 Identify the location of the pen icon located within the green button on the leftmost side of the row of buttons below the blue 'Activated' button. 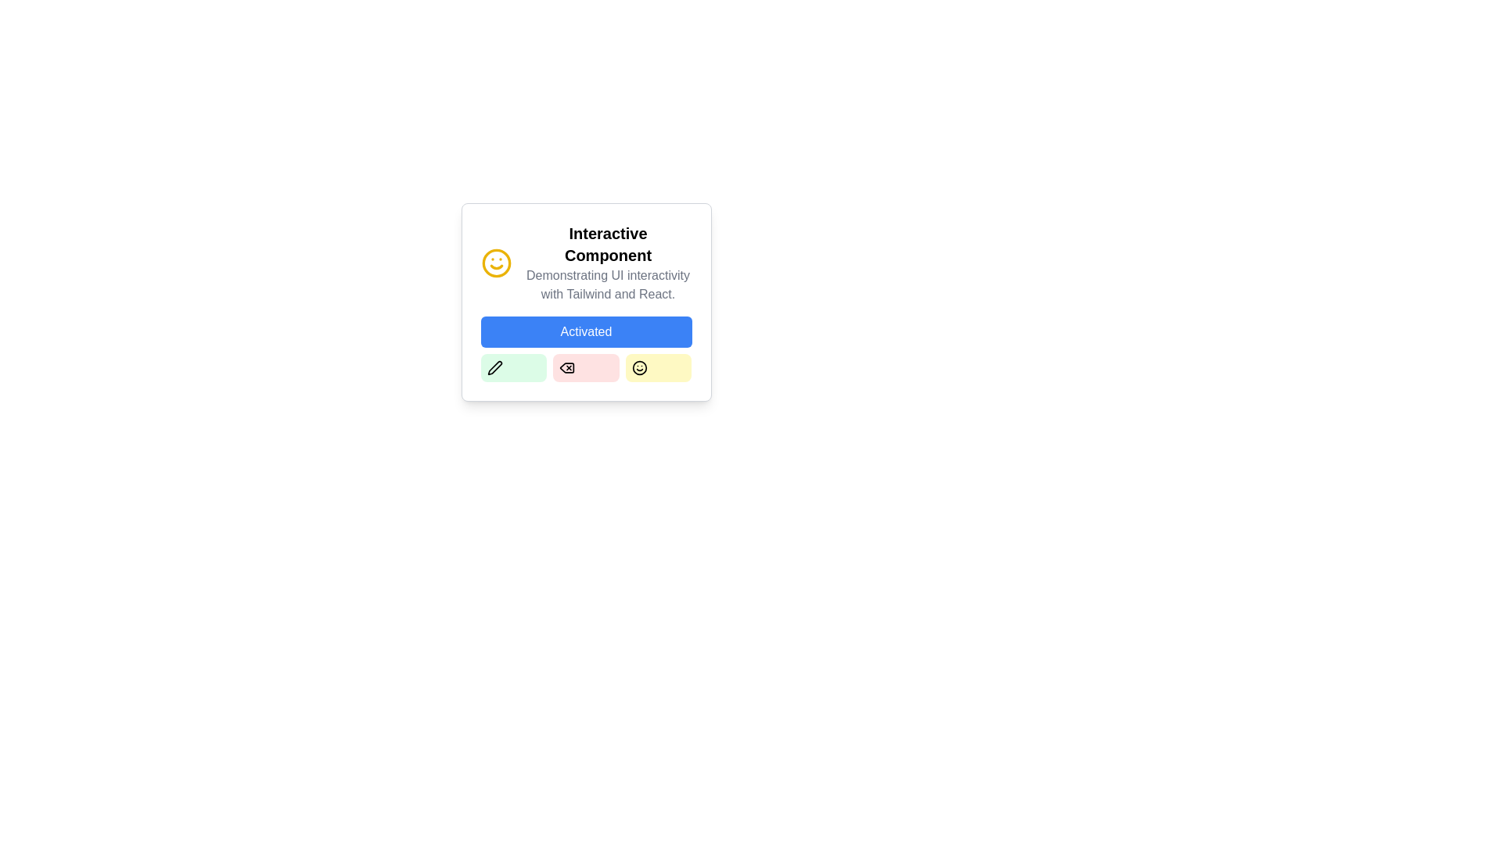
(494, 367).